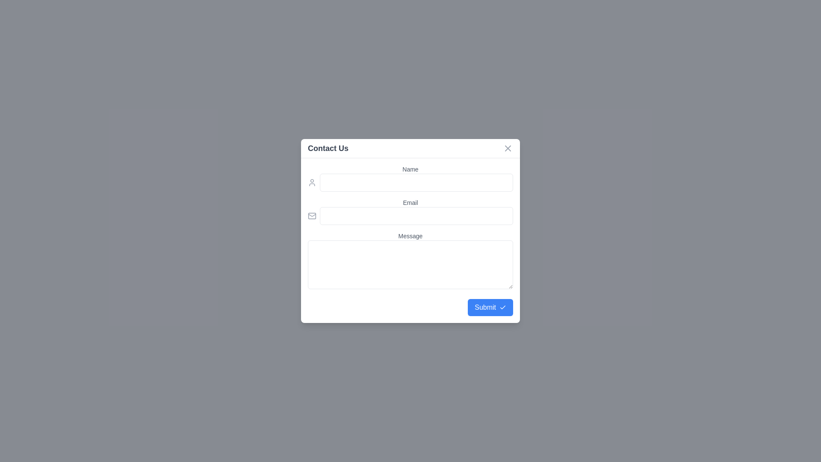 This screenshot has width=821, height=462. What do you see at coordinates (311, 216) in the screenshot?
I see `the decorative static icon located to the left of the email input field in the 'Contact Us' form` at bounding box center [311, 216].